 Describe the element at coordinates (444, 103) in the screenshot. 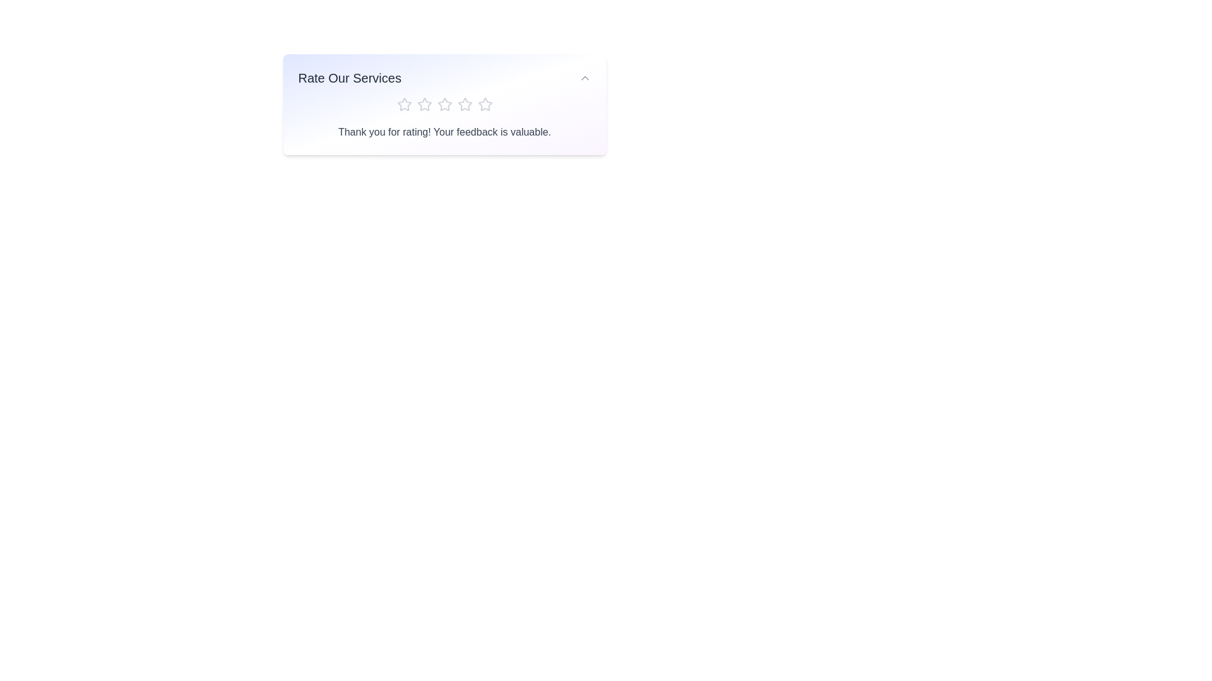

I see `the star corresponding to the desired rating 3` at that location.